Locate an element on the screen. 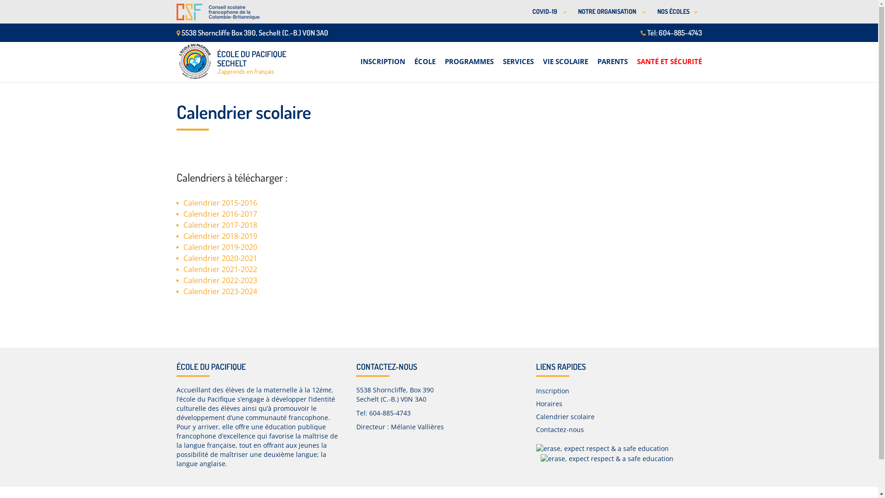 The width and height of the screenshot is (885, 498). 'Inscription' is located at coordinates (552, 391).